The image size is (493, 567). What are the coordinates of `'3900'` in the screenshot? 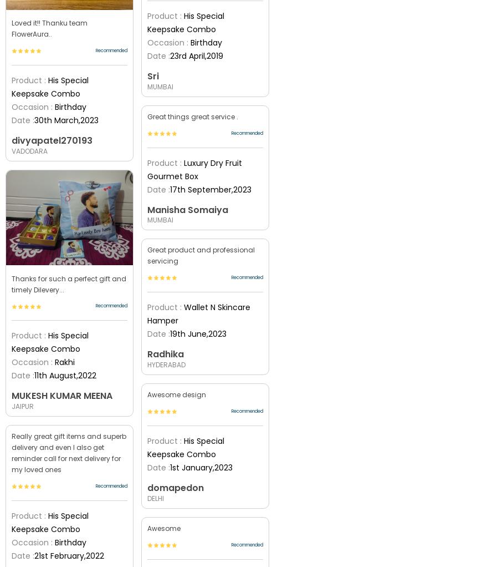 It's located at (163, 306).